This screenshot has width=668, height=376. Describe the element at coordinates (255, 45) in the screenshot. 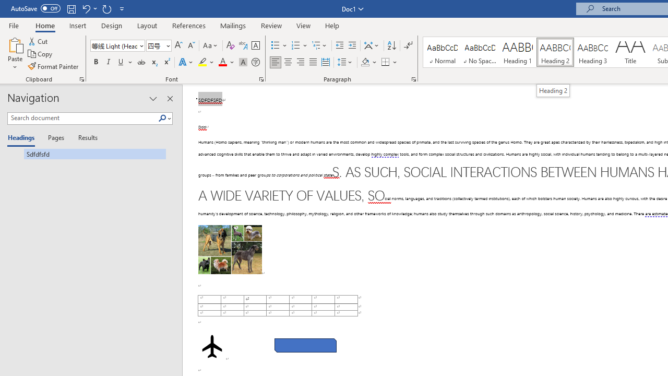

I see `'Character Border'` at that location.